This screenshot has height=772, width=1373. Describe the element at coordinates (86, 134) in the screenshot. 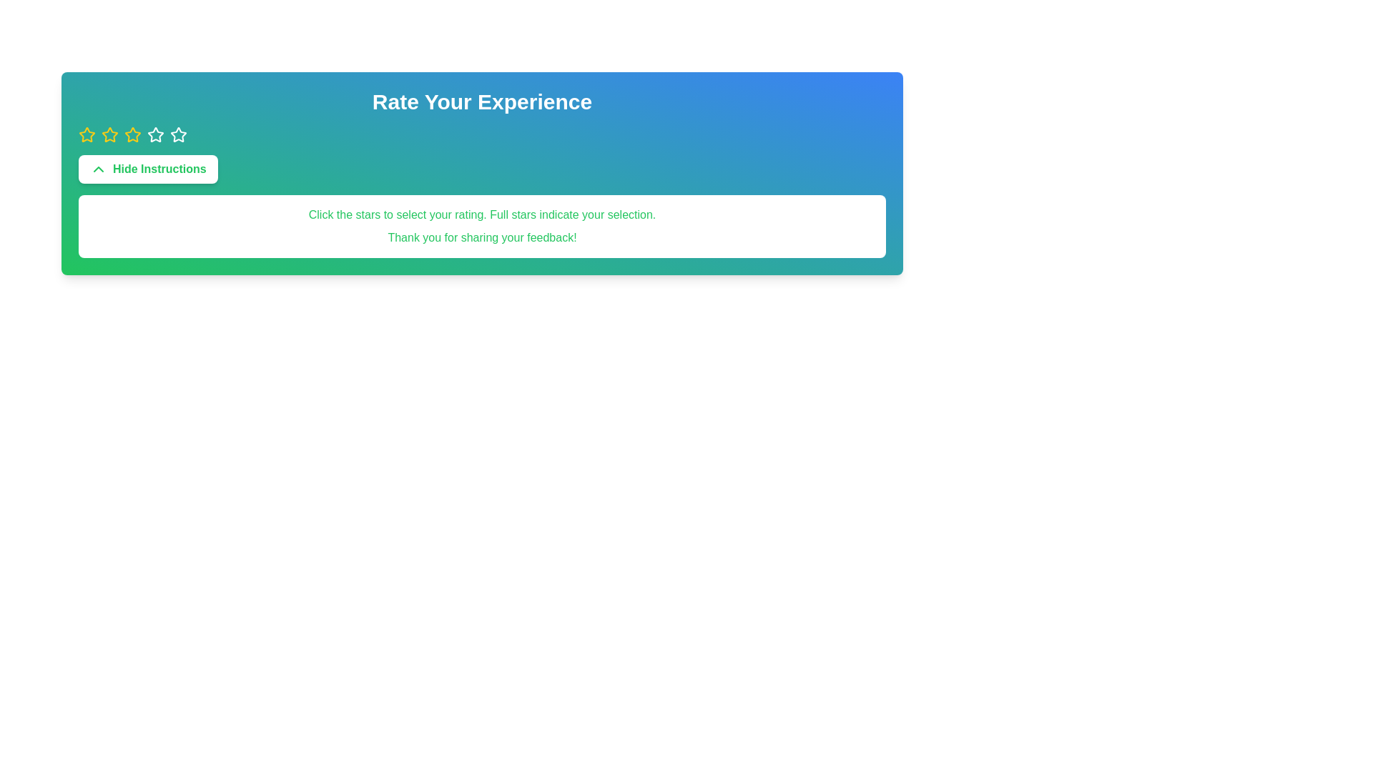

I see `the first star icon button in the rating component` at that location.